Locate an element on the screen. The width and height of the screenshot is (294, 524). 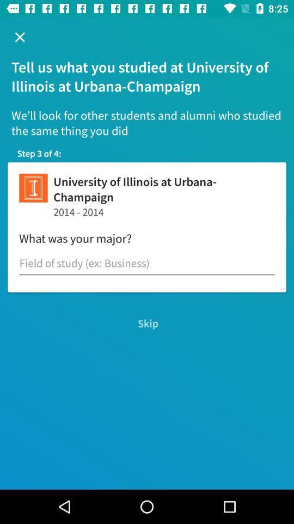
the skip button is located at coordinates (147, 323).